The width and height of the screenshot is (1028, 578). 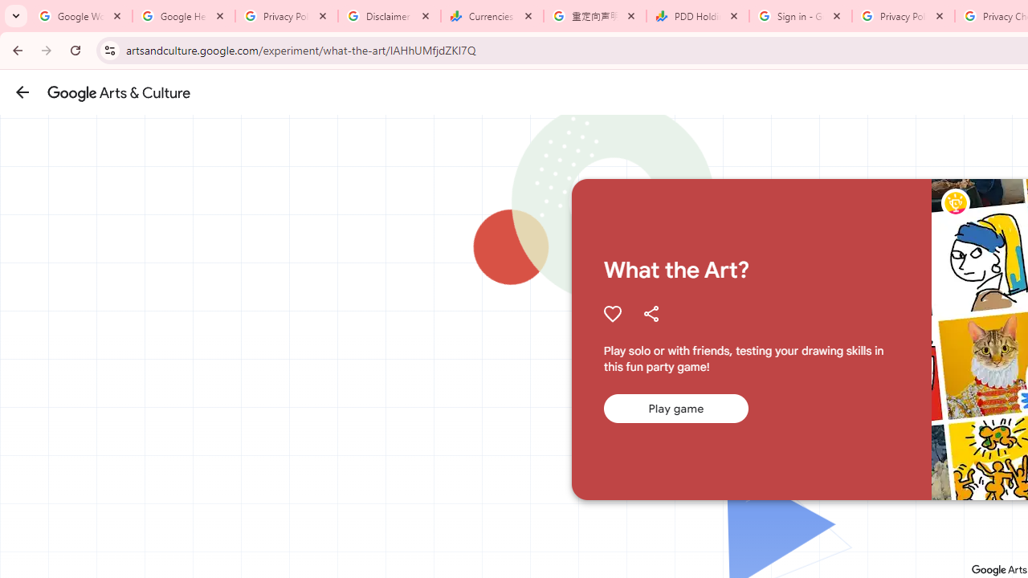 I want to click on 'Sign in - Google Accounts', so click(x=801, y=16).